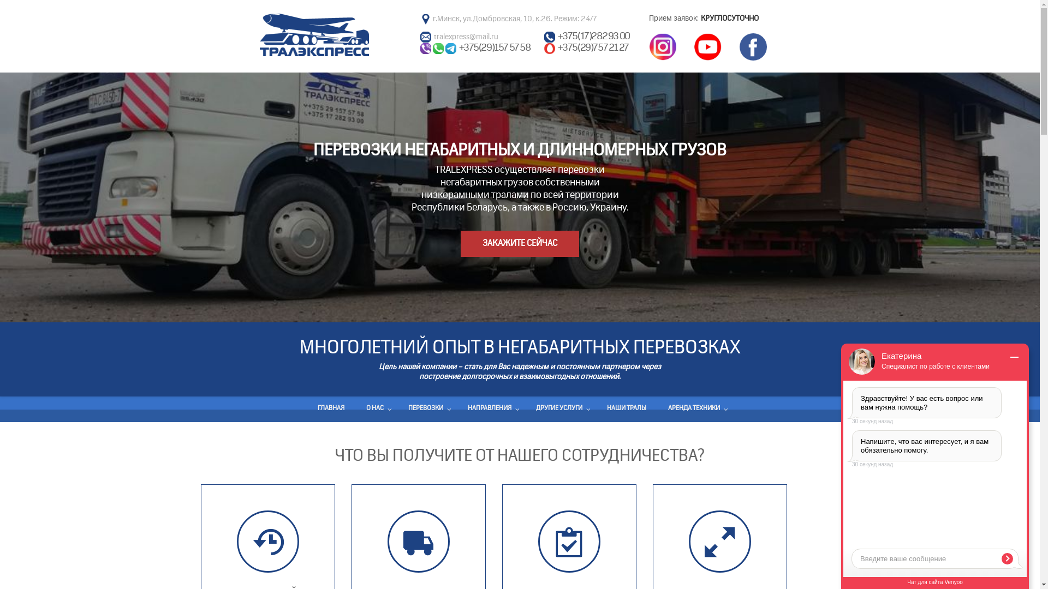 This screenshot has width=1048, height=589. Describe the element at coordinates (466, 37) in the screenshot. I see `'tralexpress@mail.ru'` at that location.